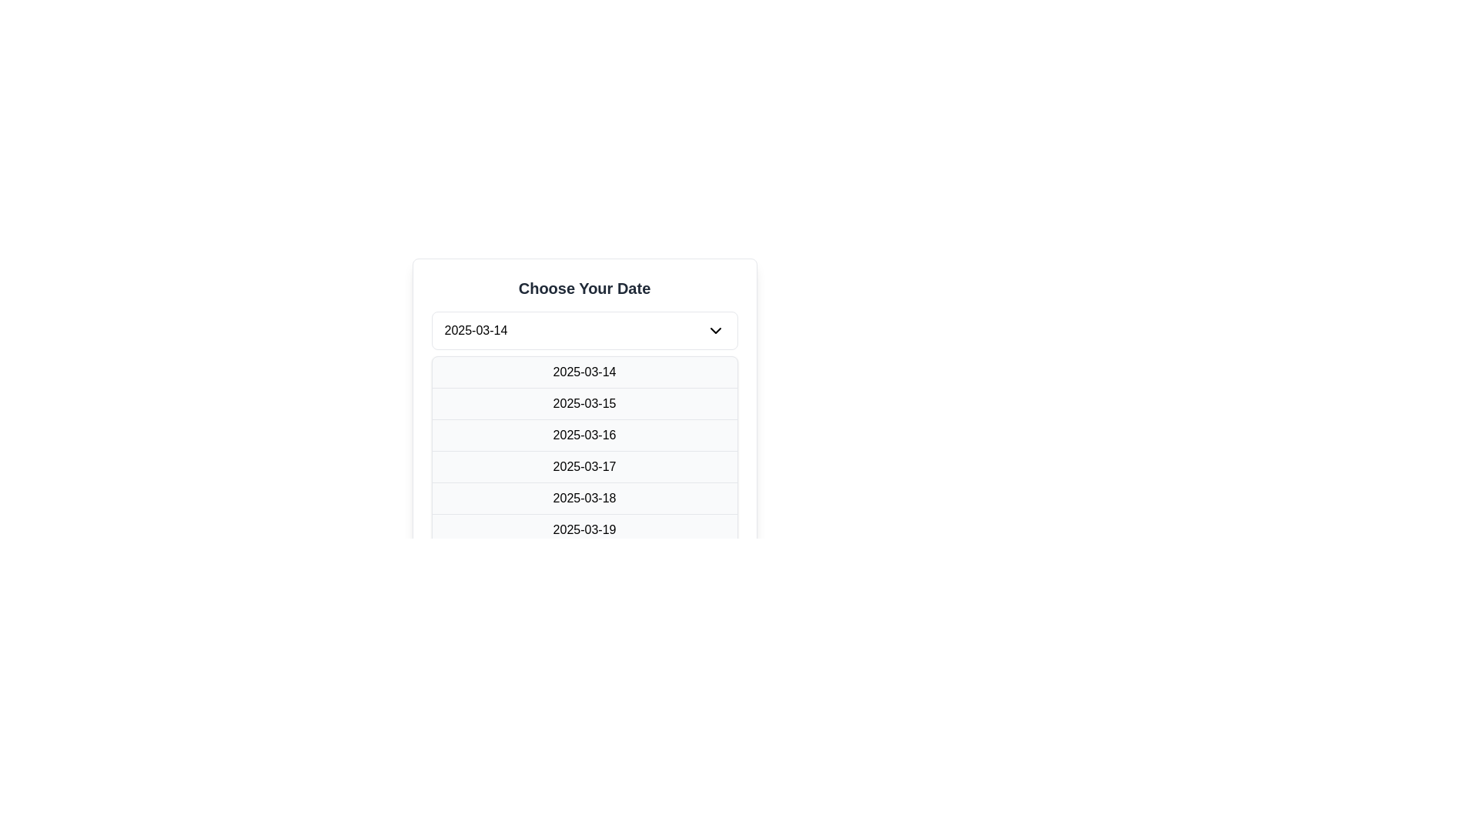  Describe the element at coordinates (584, 372) in the screenshot. I see `the list item displaying the date '2025-03-14'` at that location.